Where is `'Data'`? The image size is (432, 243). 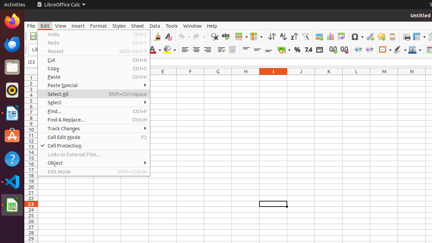
'Data' is located at coordinates (155, 25).